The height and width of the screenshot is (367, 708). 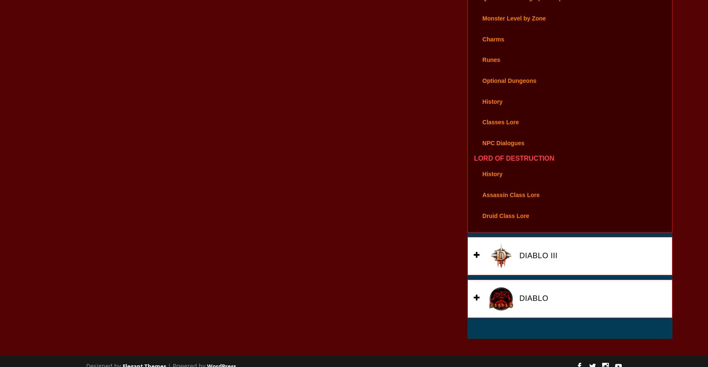 I want to click on 'LORD OF DESTRUCTION', so click(x=514, y=169).